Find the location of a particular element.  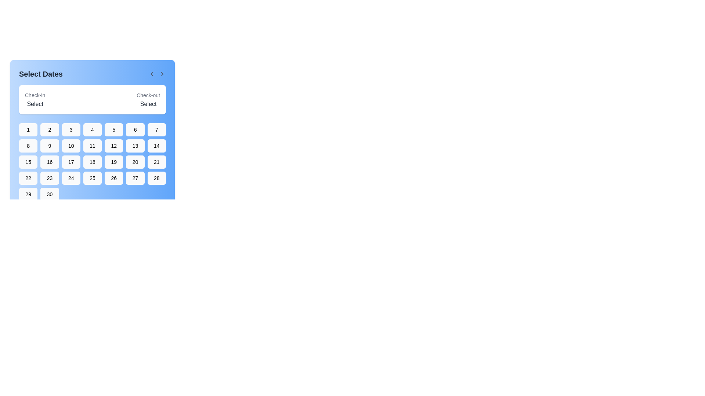

the 9th date button in the calendar interface is located at coordinates (49, 146).